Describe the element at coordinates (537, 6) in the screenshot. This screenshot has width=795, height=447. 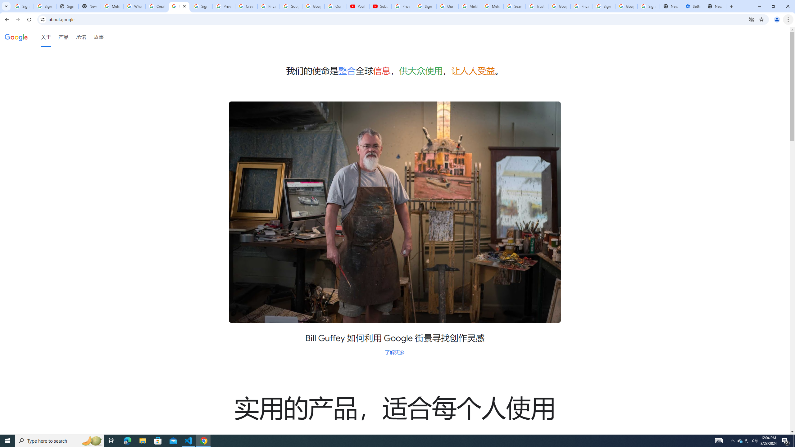
I see `'Trusted Information and Content - Google Safety Center'` at that location.